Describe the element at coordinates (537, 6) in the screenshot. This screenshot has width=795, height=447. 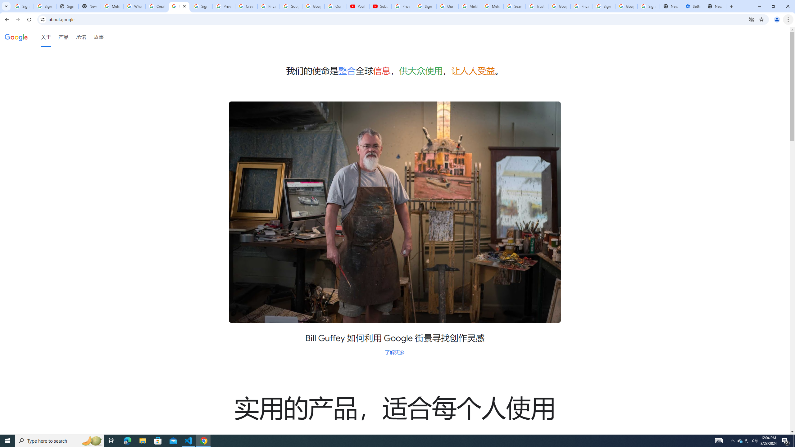
I see `'Trusted Information and Content - Google Safety Center'` at that location.